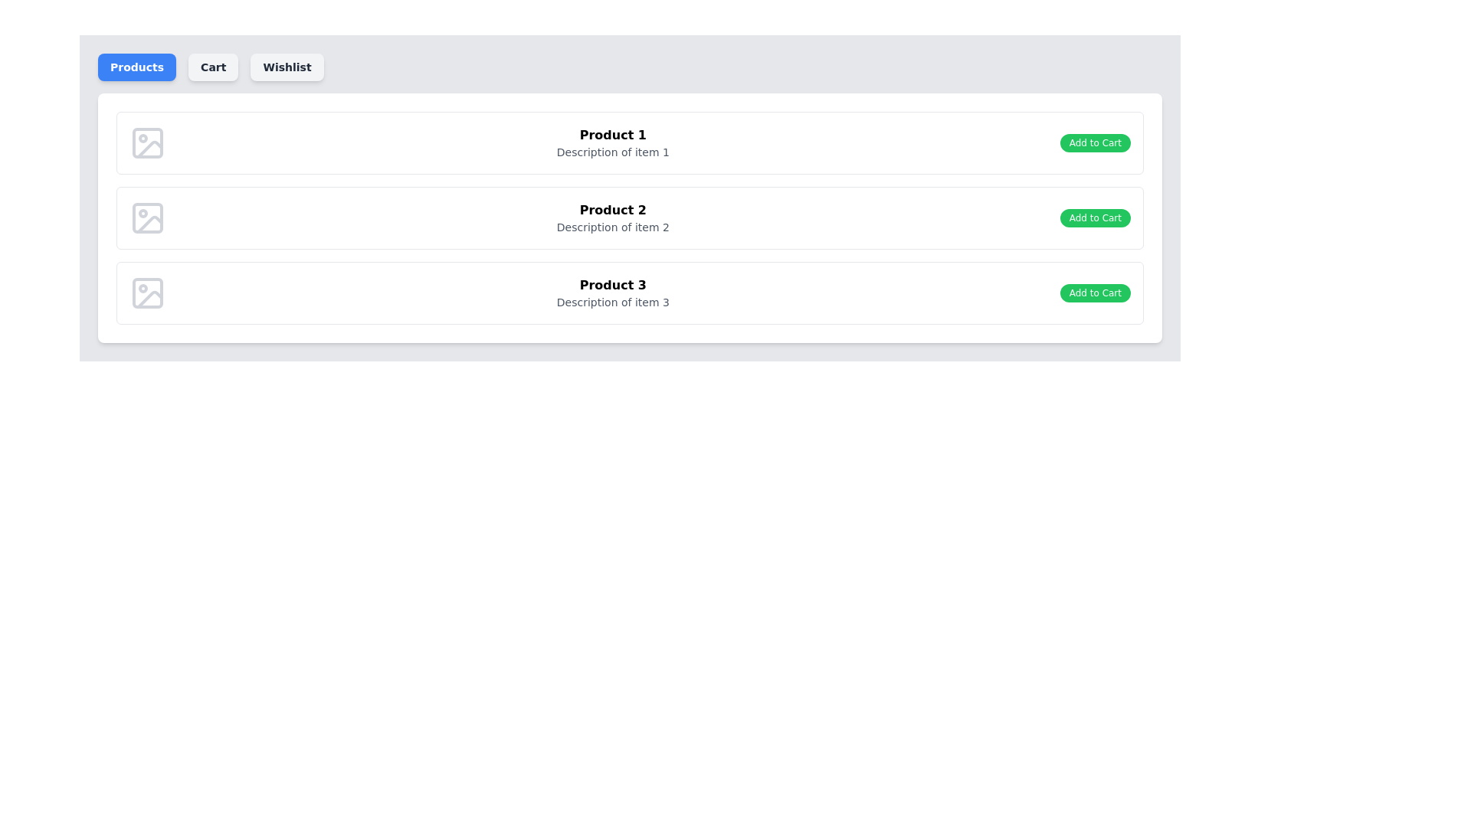  What do you see at coordinates (147, 293) in the screenshot?
I see `the image placeholder icon located in the third product card` at bounding box center [147, 293].